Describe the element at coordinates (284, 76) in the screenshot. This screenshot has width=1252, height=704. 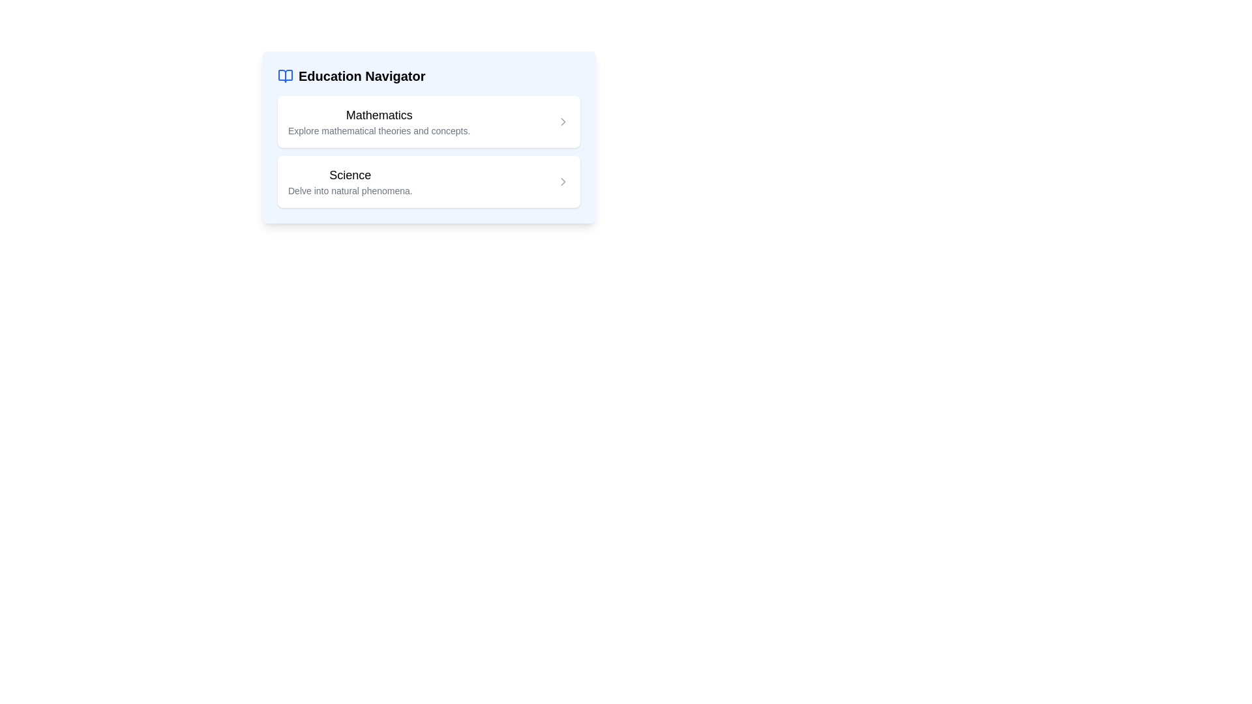
I see `the blue-colored icon resembling an open book, which is positioned to the left of the title text 'Education Navigator'` at that location.